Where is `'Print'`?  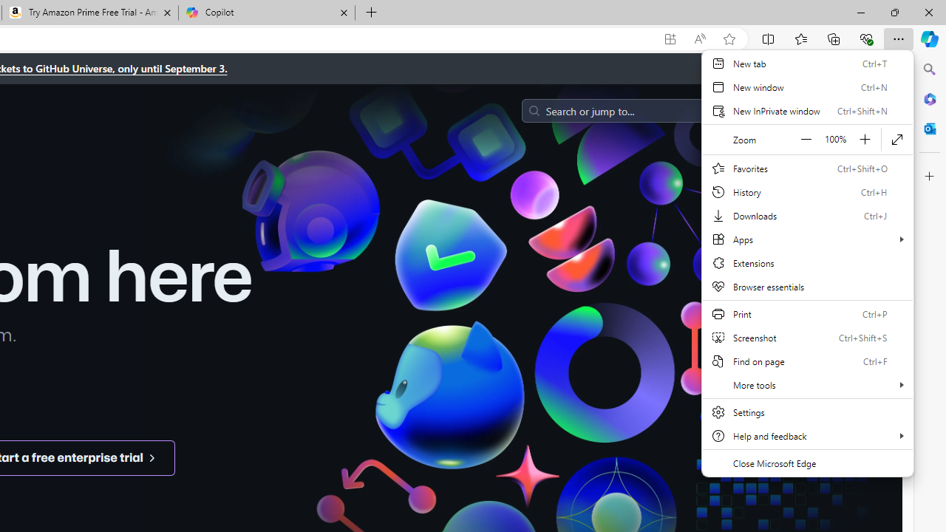 'Print' is located at coordinates (807, 313).